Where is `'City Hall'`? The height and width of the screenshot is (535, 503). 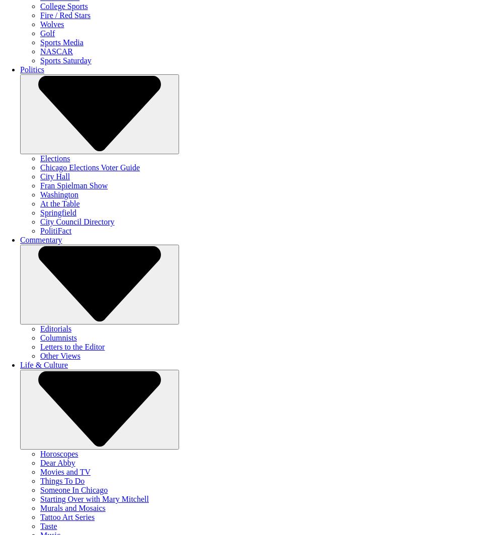 'City Hall' is located at coordinates (54, 176).